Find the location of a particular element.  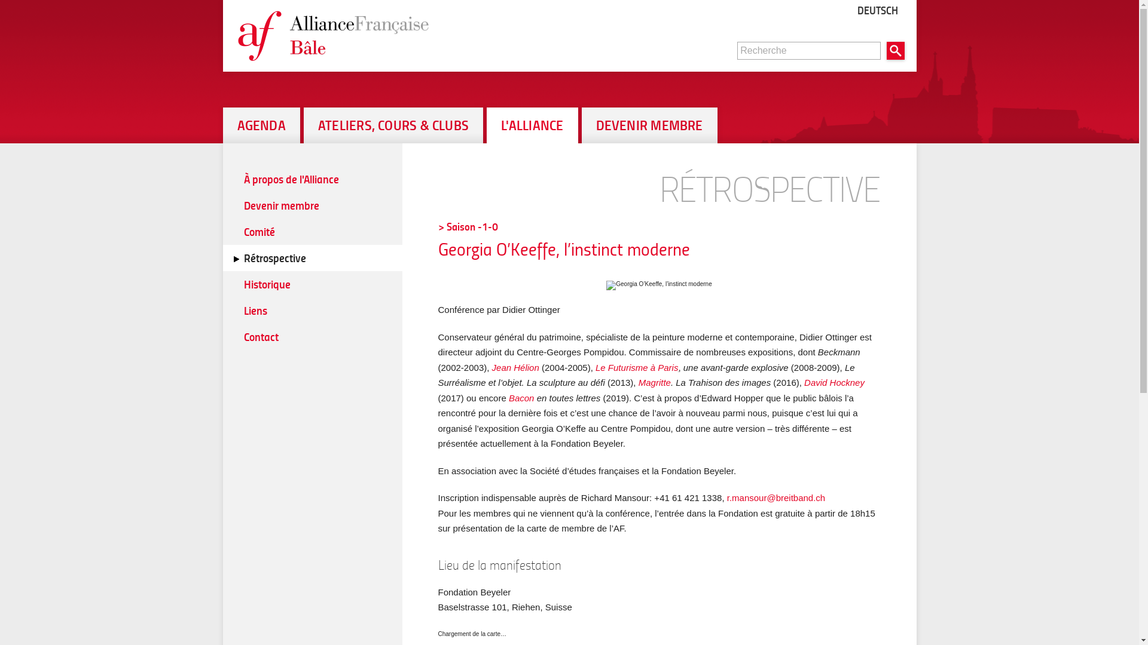

'David Hockney' is located at coordinates (833, 382).